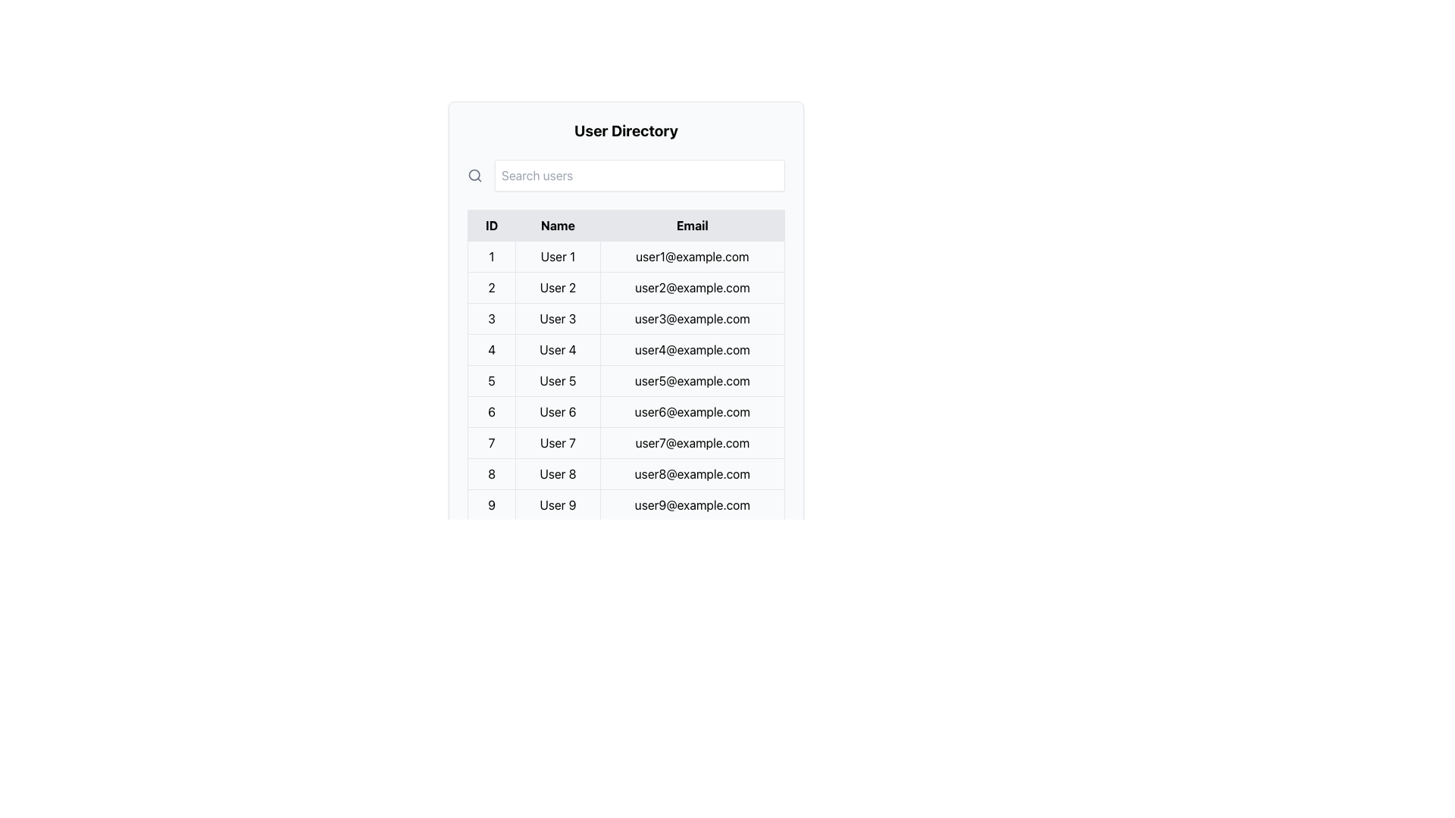 This screenshot has height=818, width=1455. Describe the element at coordinates (491, 473) in the screenshot. I see `the leftmost cell in the eighth row of the table, which displays the bold numeric value '8', to highlight the entire row` at that location.